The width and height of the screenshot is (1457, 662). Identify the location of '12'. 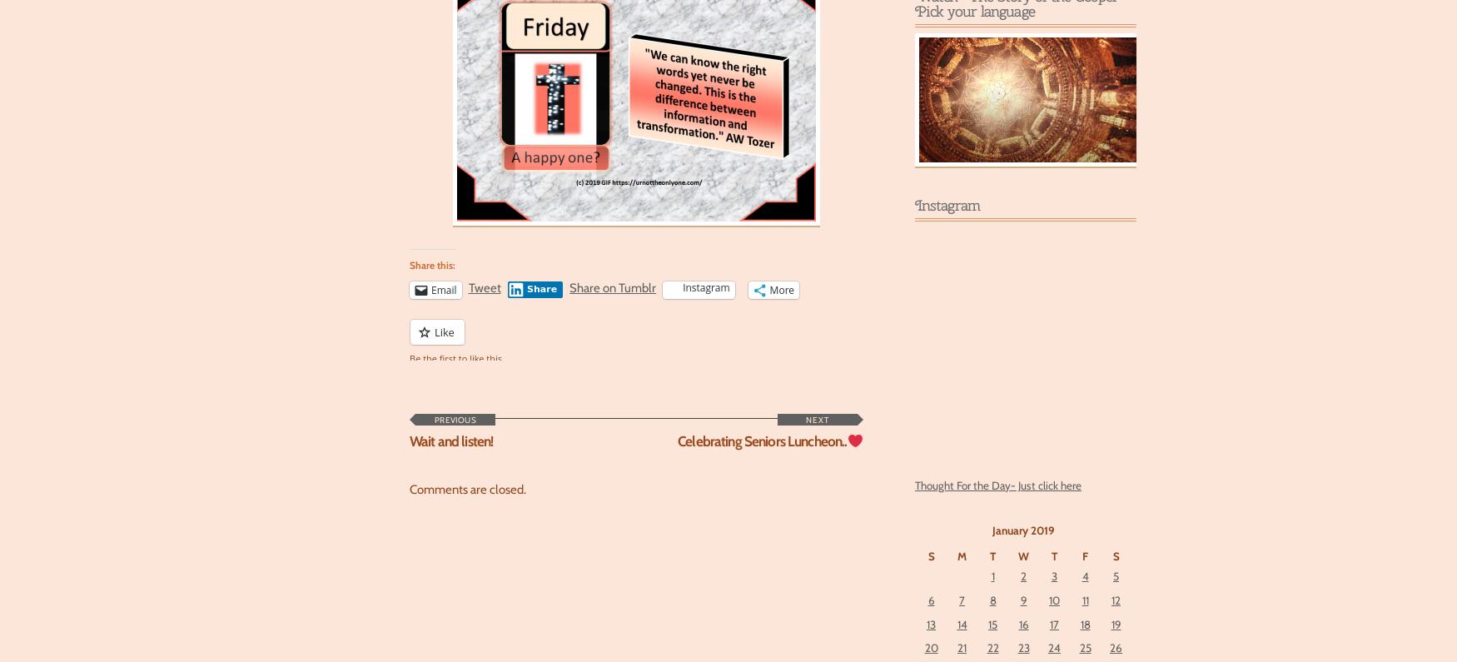
(1116, 600).